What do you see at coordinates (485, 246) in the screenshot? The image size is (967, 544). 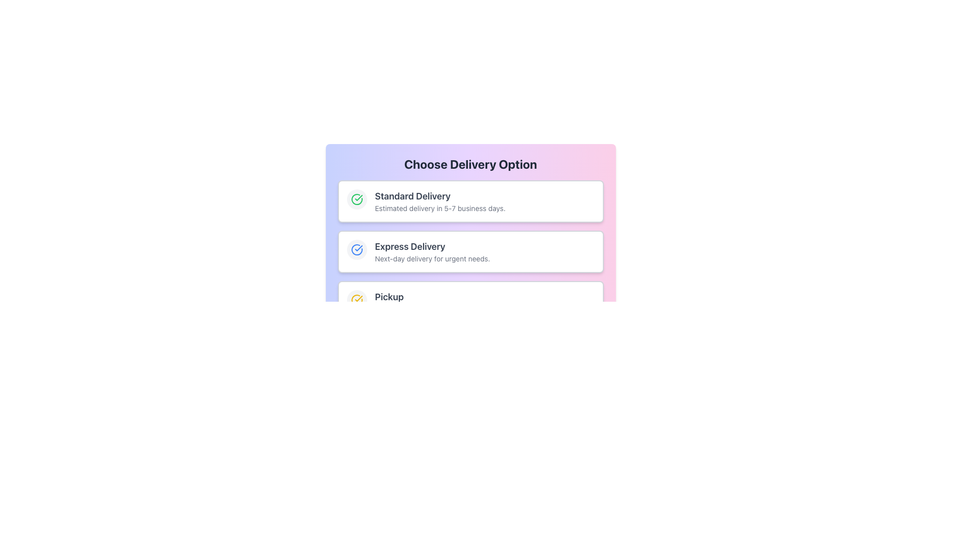 I see `the containing component of the 'Express Delivery' text label` at bounding box center [485, 246].